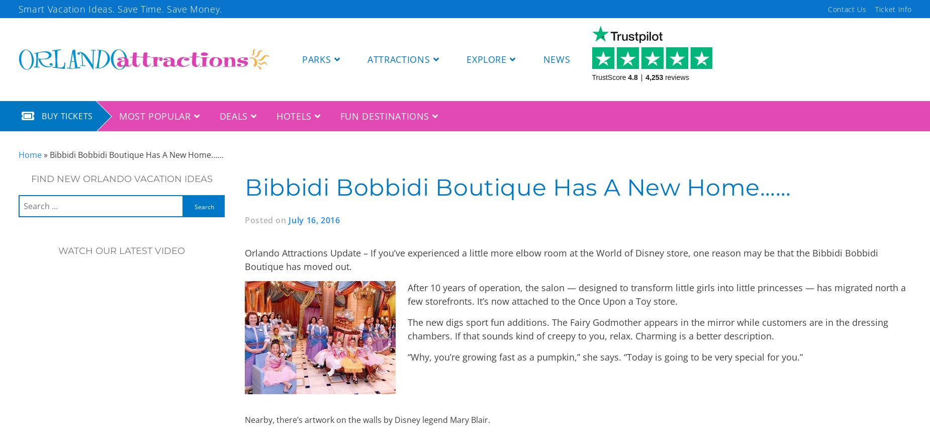 The image size is (930, 438). What do you see at coordinates (119, 8) in the screenshot?
I see `'Smart Vacation Ideas. Save Time. Save Money.'` at bounding box center [119, 8].